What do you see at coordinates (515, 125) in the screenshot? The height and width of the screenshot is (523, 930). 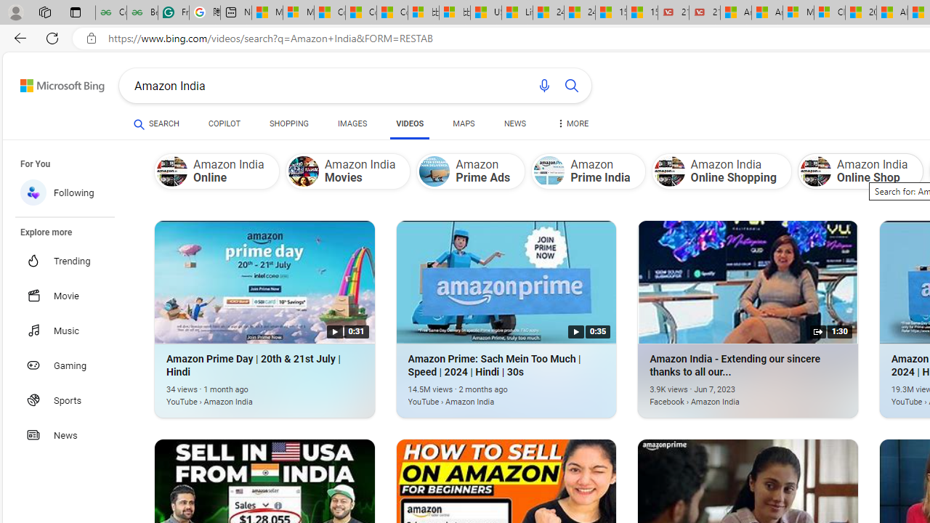 I see `'NEWS'` at bounding box center [515, 125].